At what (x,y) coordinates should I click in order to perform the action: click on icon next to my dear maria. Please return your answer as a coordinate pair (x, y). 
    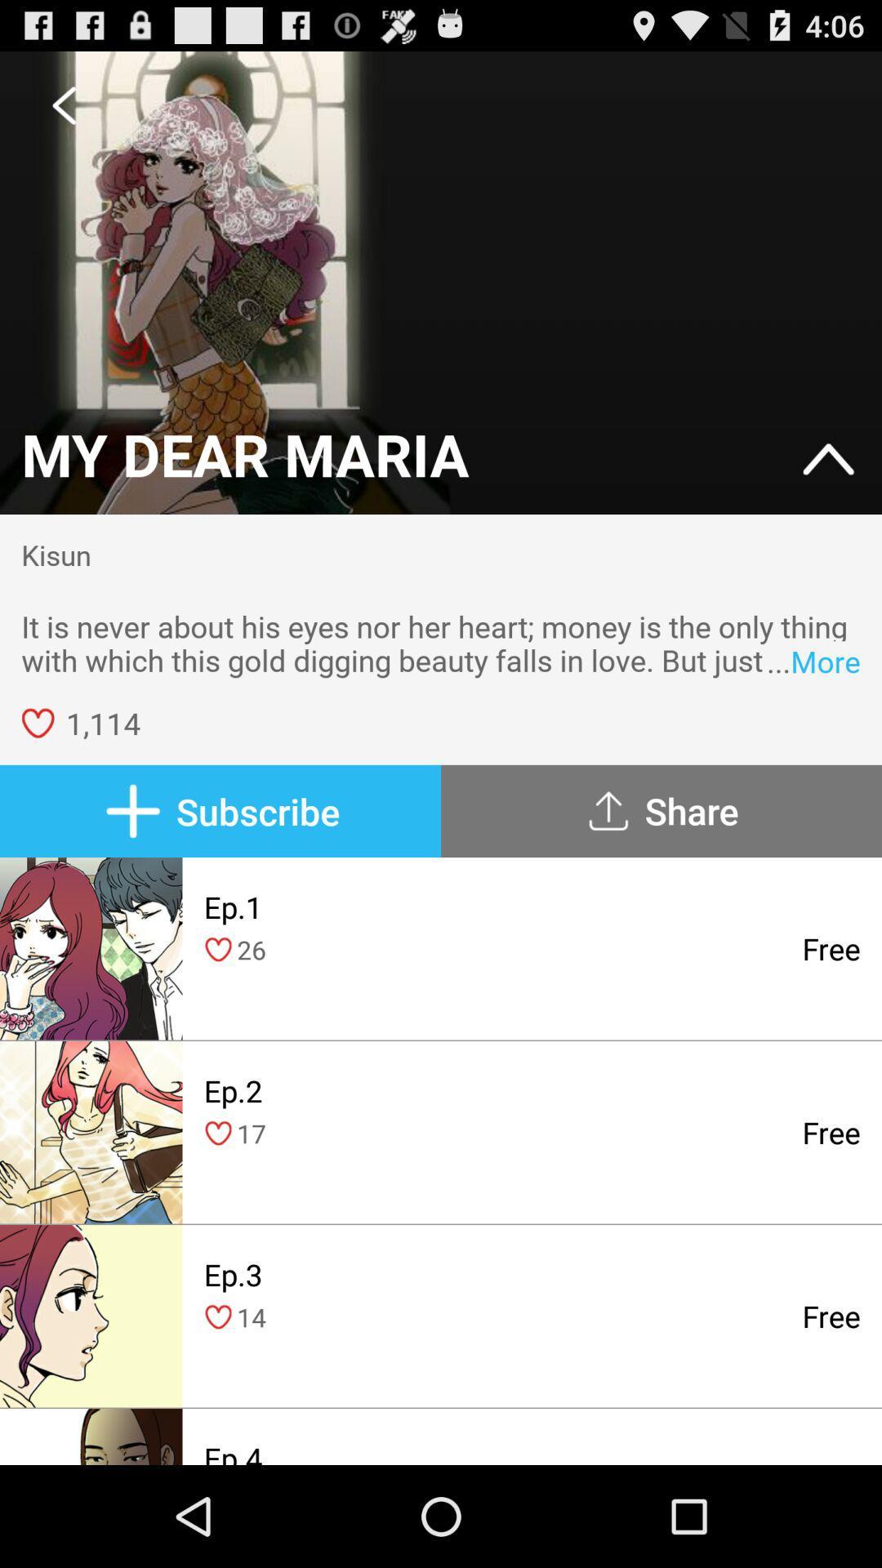
    Looking at the image, I should click on (828, 460).